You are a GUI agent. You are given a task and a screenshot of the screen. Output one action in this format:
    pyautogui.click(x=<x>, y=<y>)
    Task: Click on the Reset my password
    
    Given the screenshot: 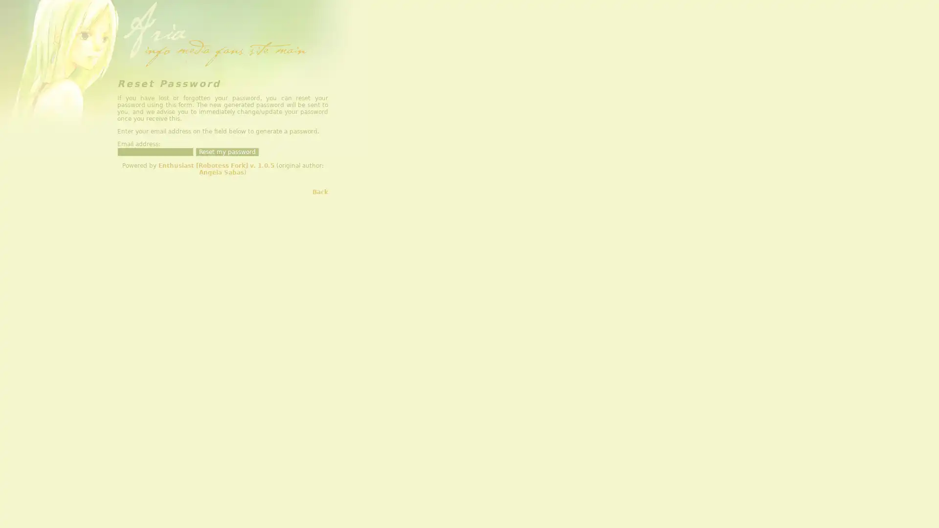 What is the action you would take?
    pyautogui.click(x=227, y=152)
    